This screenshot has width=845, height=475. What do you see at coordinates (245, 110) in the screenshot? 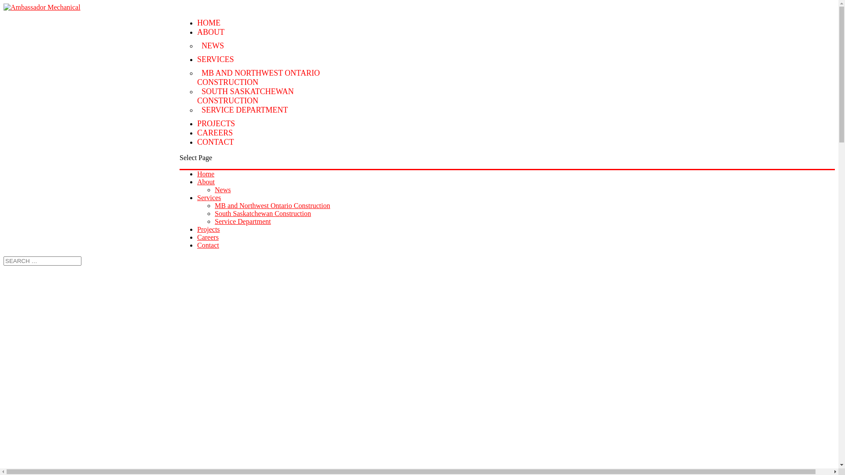
I see `'SERVICE DEPARTMENT'` at bounding box center [245, 110].